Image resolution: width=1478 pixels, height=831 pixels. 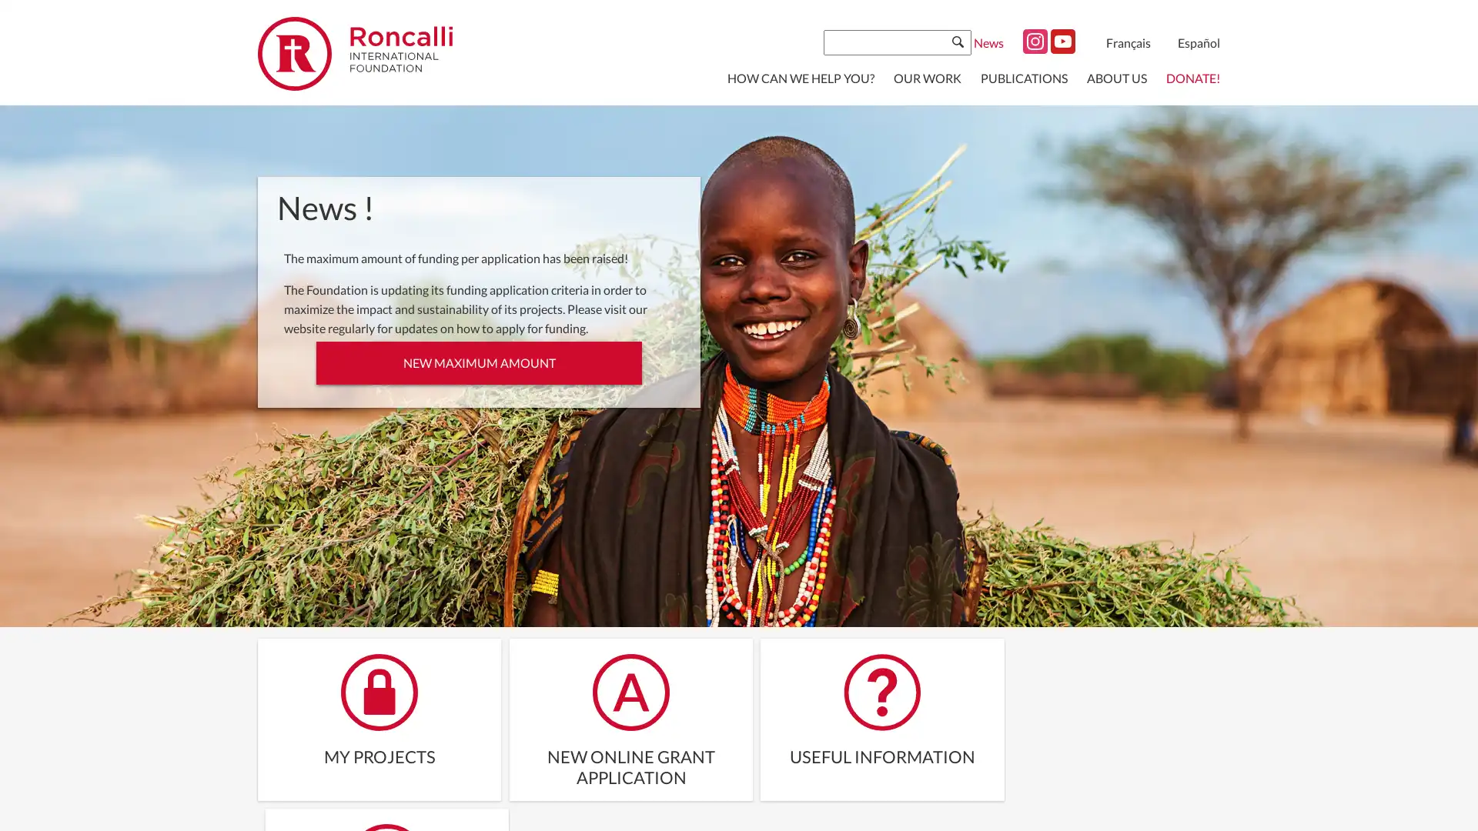 I want to click on Search, so click(x=957, y=41).